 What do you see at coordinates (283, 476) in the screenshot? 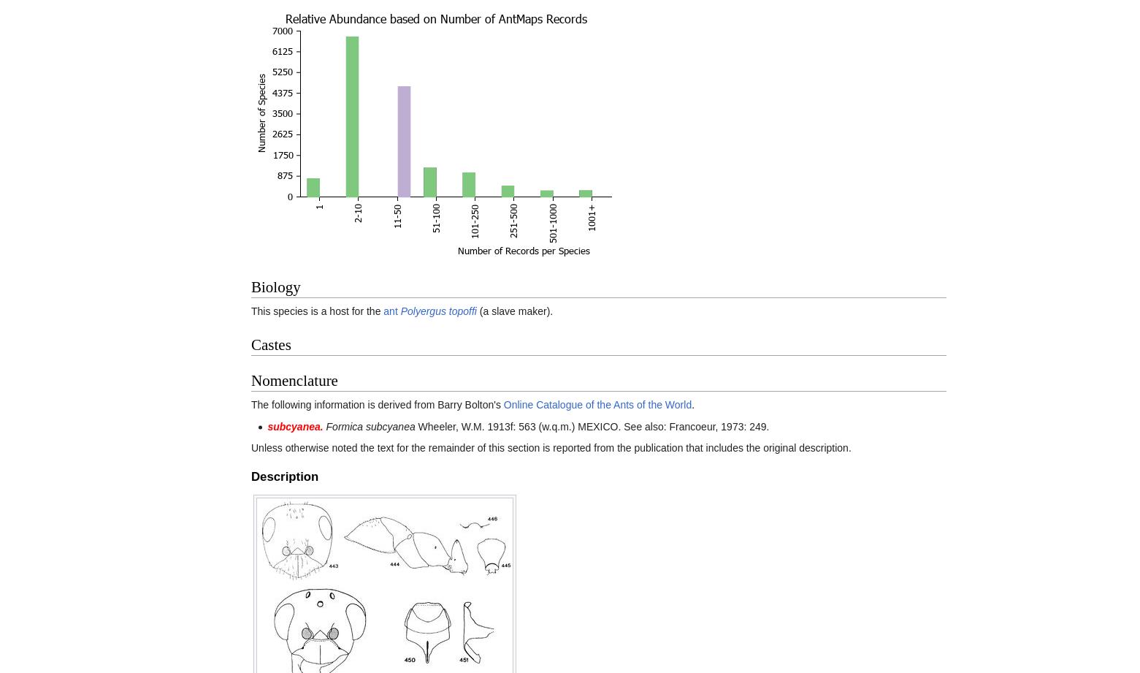
I see `'Description'` at bounding box center [283, 476].